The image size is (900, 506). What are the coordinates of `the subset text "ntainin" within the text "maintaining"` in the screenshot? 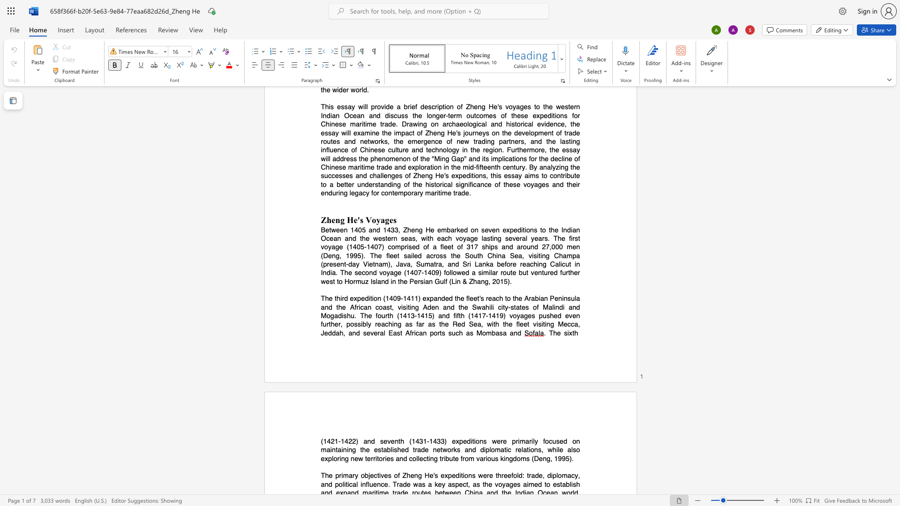 It's located at (332, 449).